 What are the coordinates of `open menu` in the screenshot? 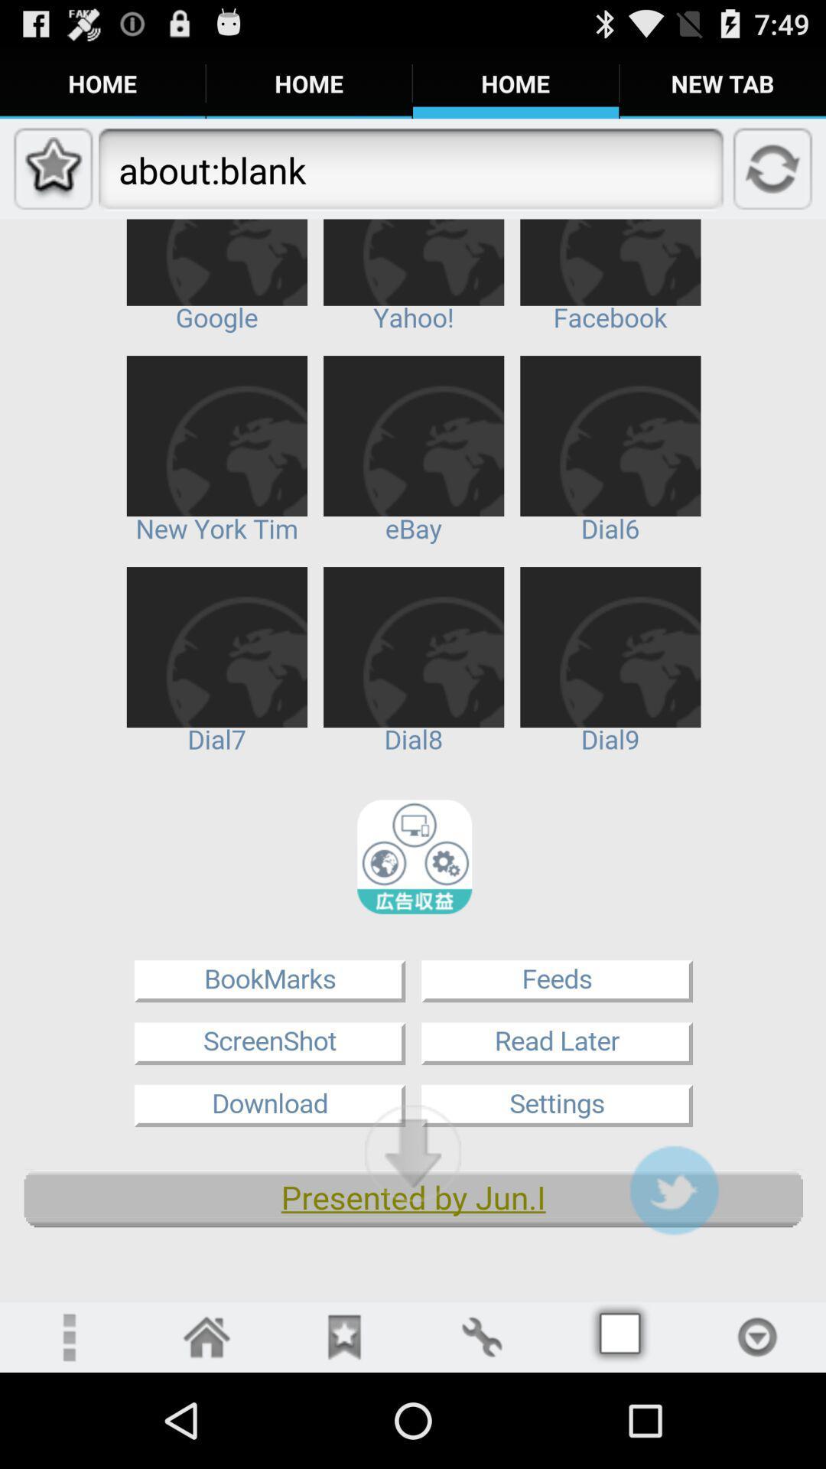 It's located at (67, 1336).